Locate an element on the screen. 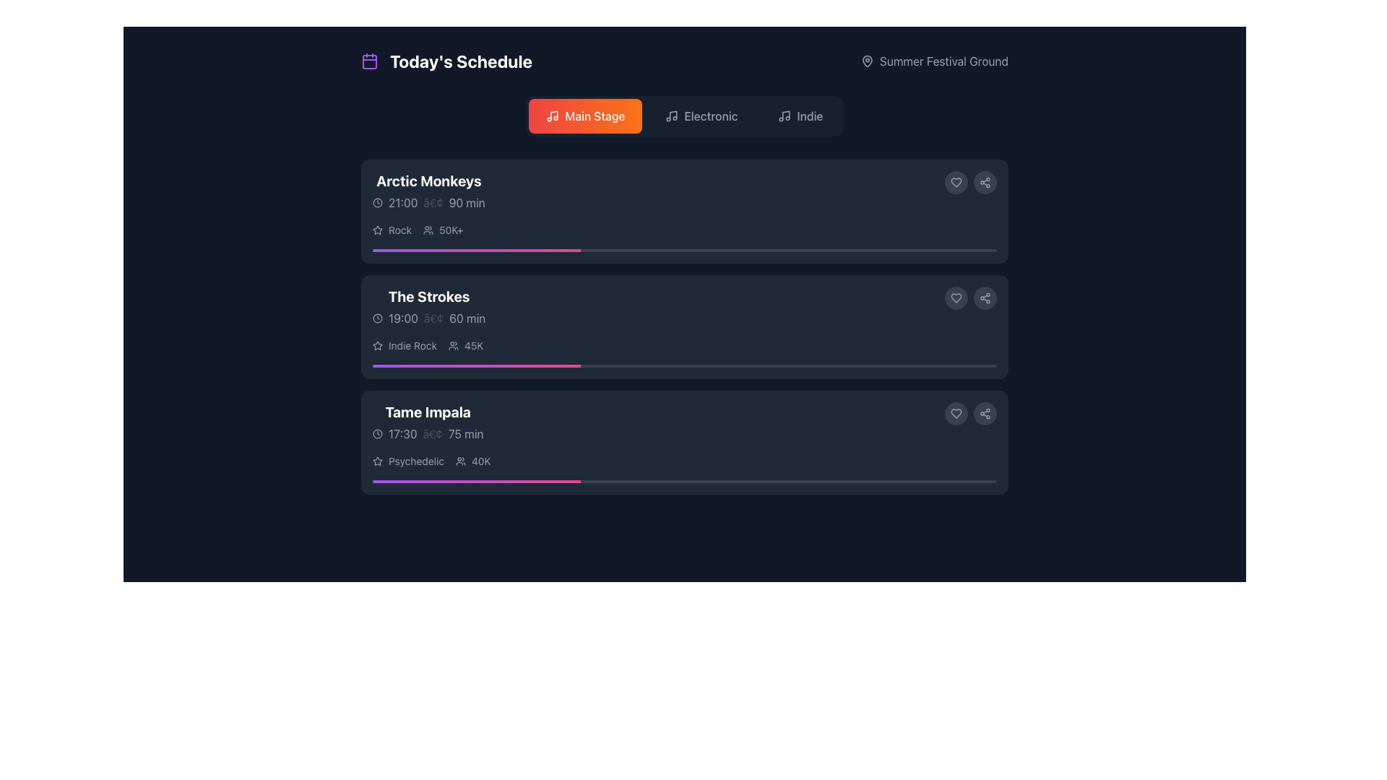 This screenshot has width=1387, height=780. the heart icon button in the top-right corner of 'The Strokes' performance card is located at coordinates (956, 297).